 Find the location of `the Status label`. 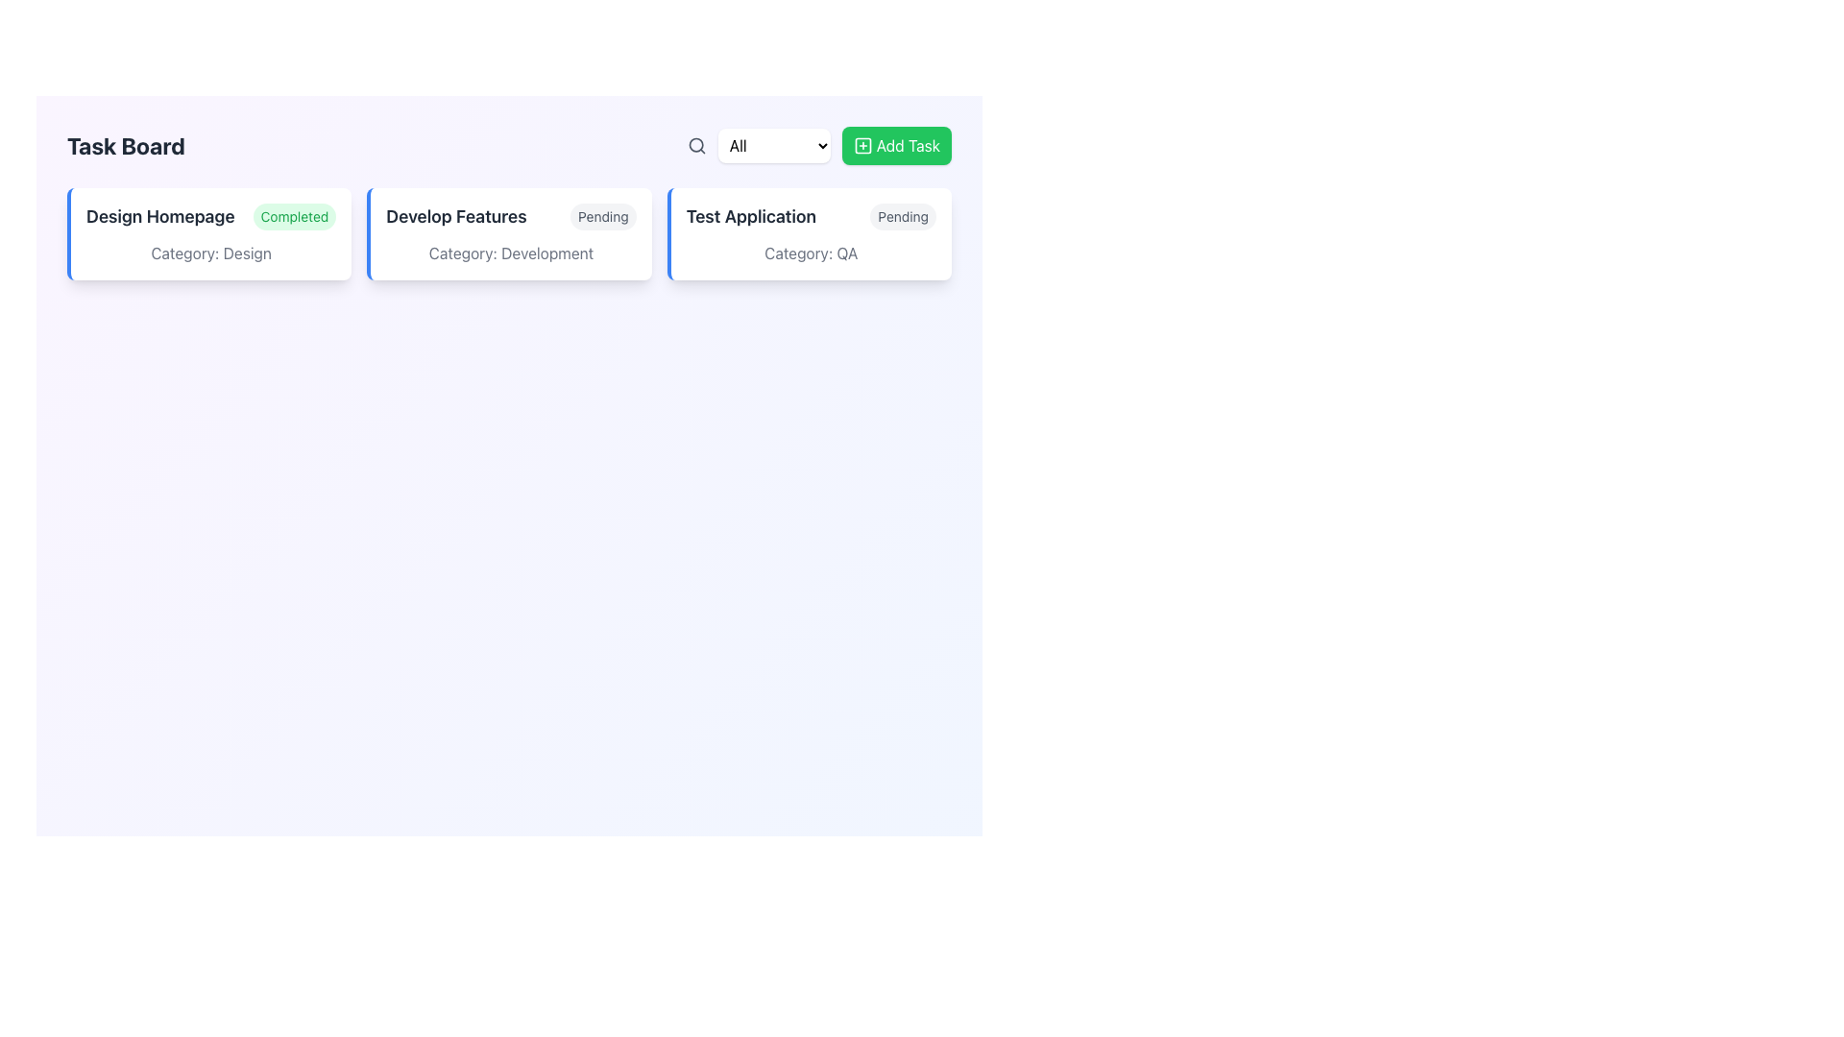

the Status label is located at coordinates (902, 216).